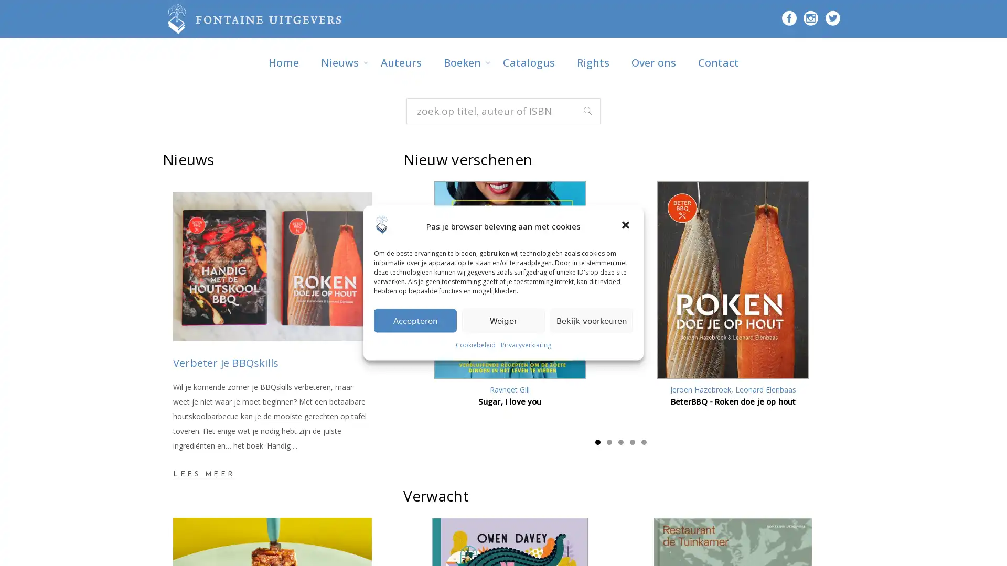 This screenshot has height=566, width=1007. Describe the element at coordinates (627, 225) in the screenshot. I see `close-dialog` at that location.